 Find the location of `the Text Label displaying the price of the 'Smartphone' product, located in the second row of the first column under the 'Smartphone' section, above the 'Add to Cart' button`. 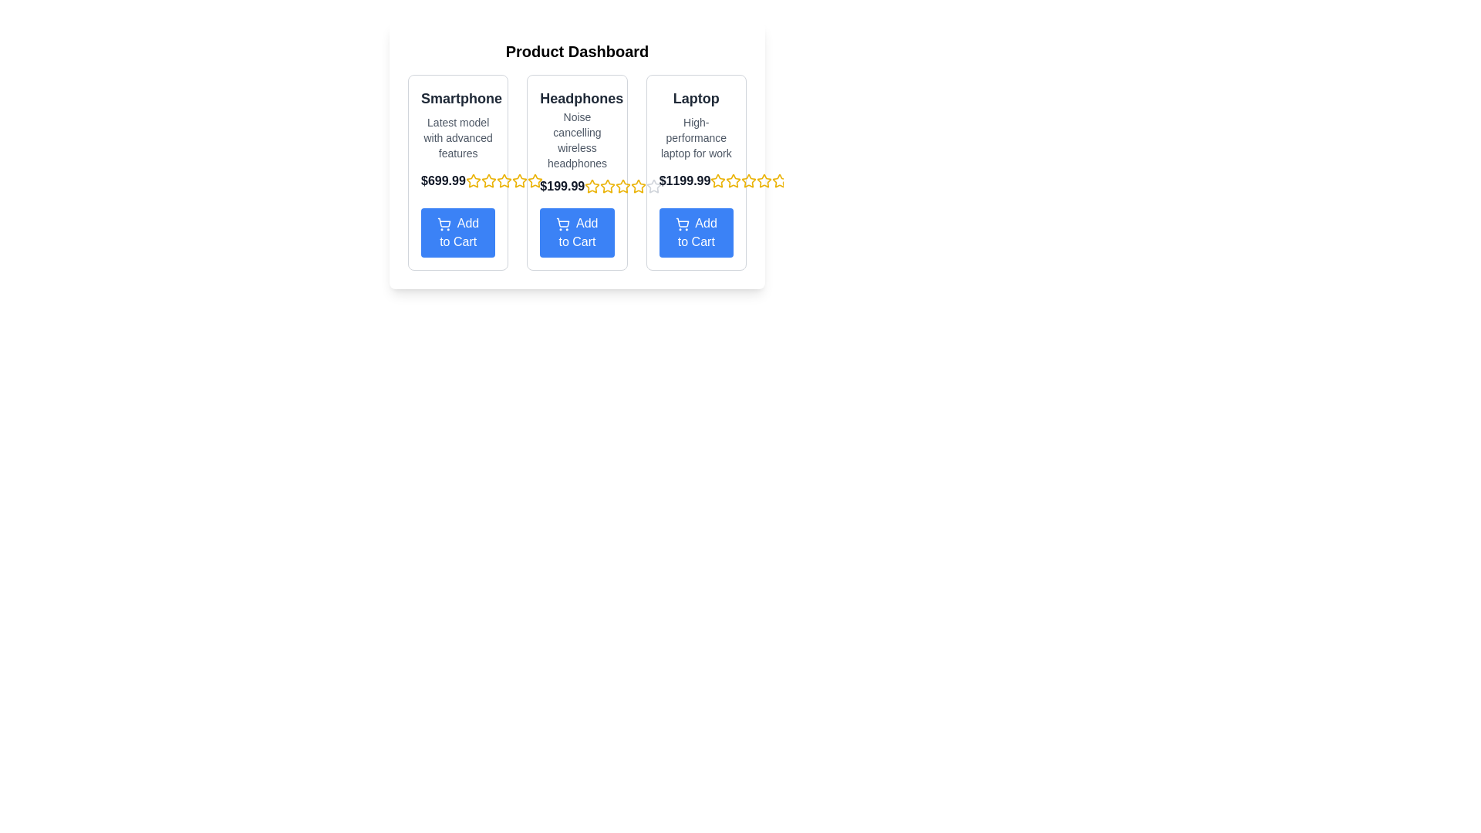

the Text Label displaying the price of the 'Smartphone' product, located in the second row of the first column under the 'Smartphone' section, above the 'Add to Cart' button is located at coordinates (457, 180).